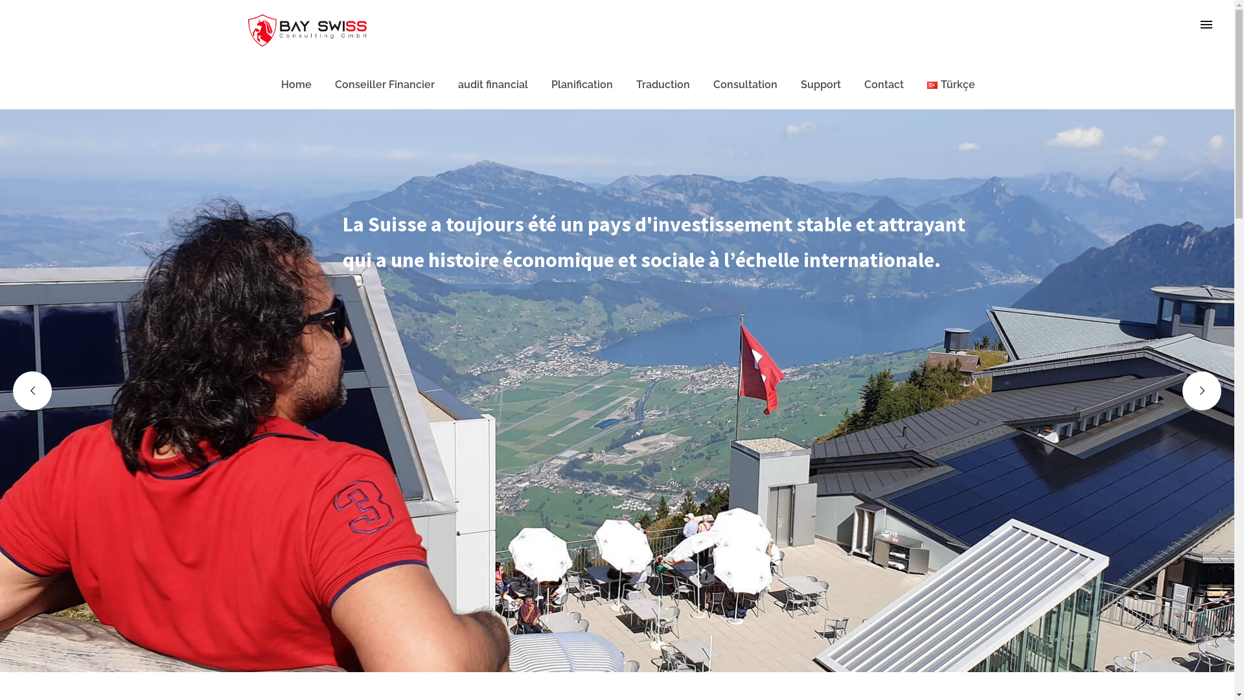  Describe the element at coordinates (492, 84) in the screenshot. I see `'audit financial'` at that location.